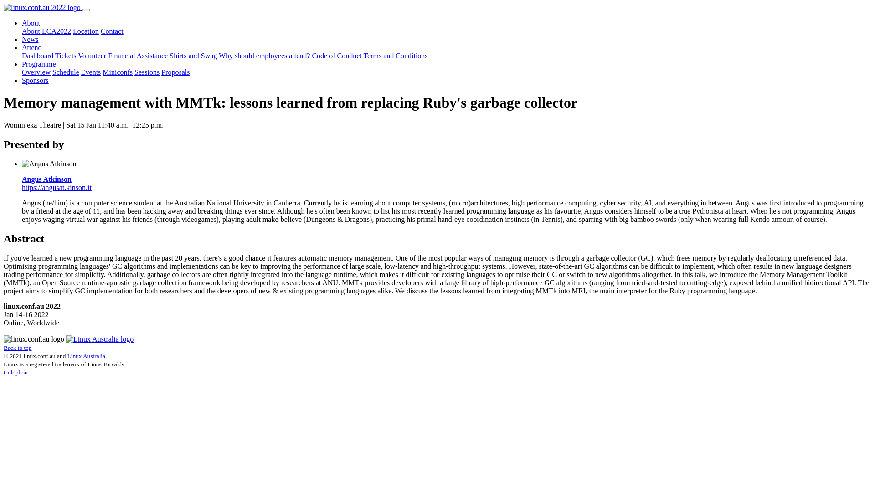 Image resolution: width=875 pixels, height=492 pixels. What do you see at coordinates (46, 179) in the screenshot?
I see `'Angus Atkinson'` at bounding box center [46, 179].